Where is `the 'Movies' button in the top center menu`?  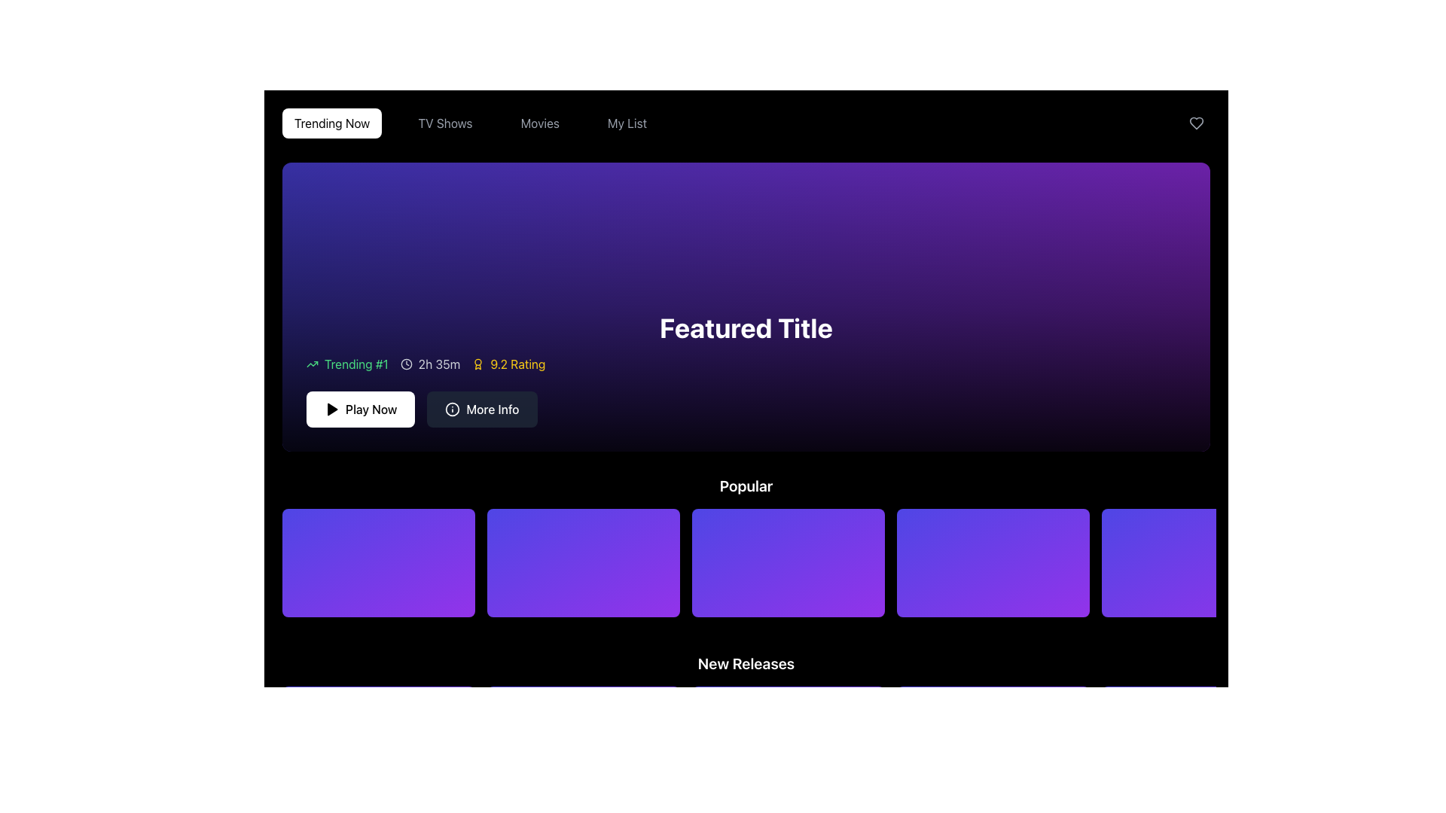 the 'Movies' button in the top center menu is located at coordinates (540, 123).